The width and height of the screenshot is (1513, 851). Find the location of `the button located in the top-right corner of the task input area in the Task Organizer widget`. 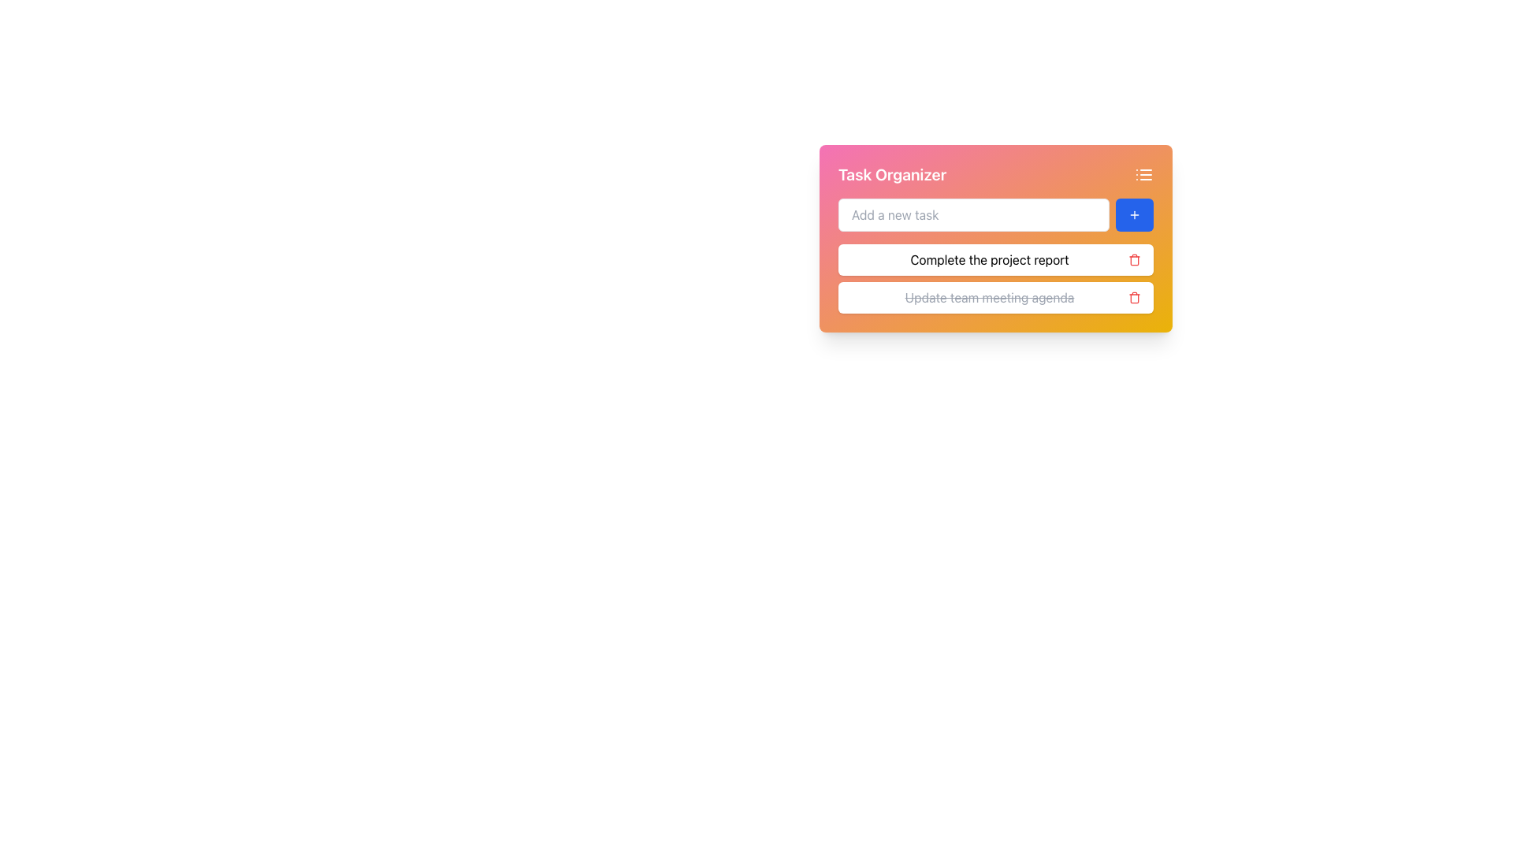

the button located in the top-right corner of the task input area in the Task Organizer widget is located at coordinates (1135, 215).